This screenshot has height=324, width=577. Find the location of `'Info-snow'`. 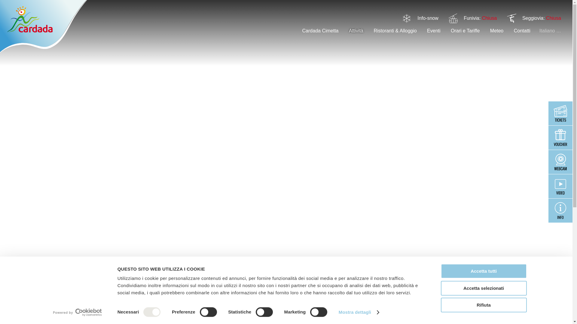

'Info-snow' is located at coordinates (427, 18).